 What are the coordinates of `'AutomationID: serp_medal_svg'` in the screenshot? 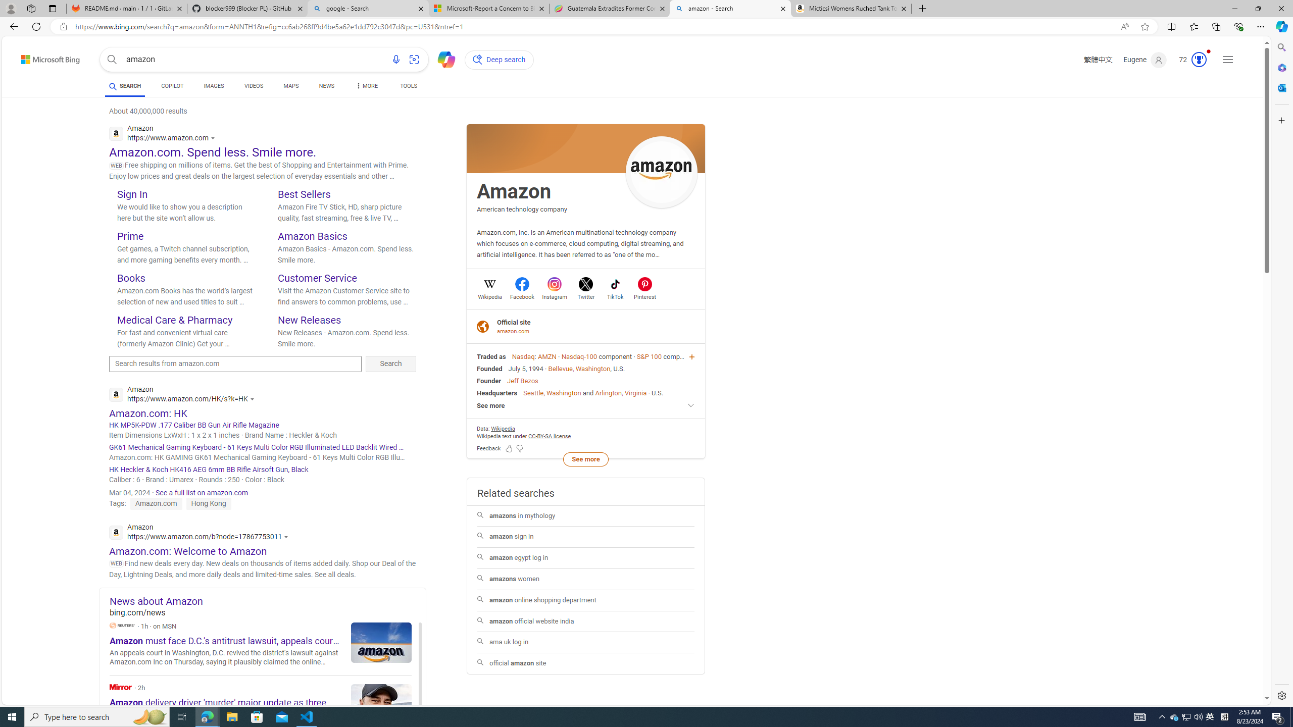 It's located at (1199, 60).